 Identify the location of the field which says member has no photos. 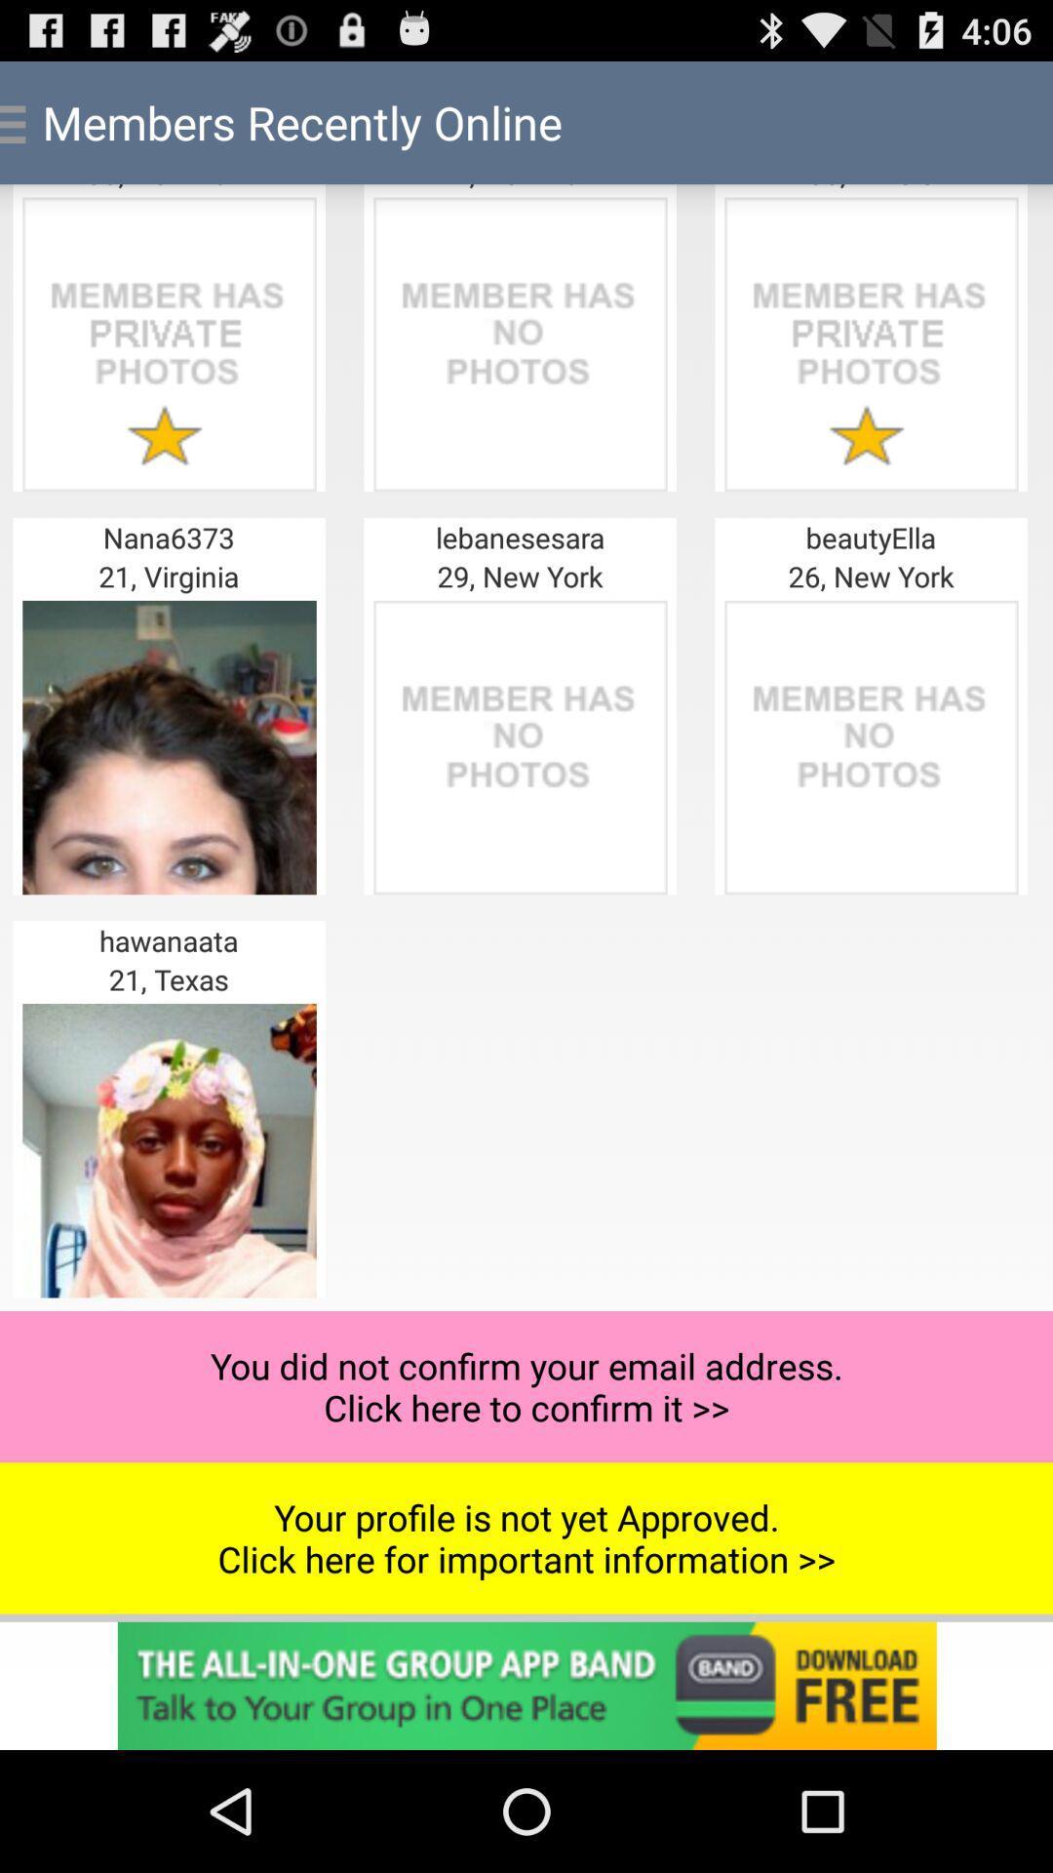
(519, 746).